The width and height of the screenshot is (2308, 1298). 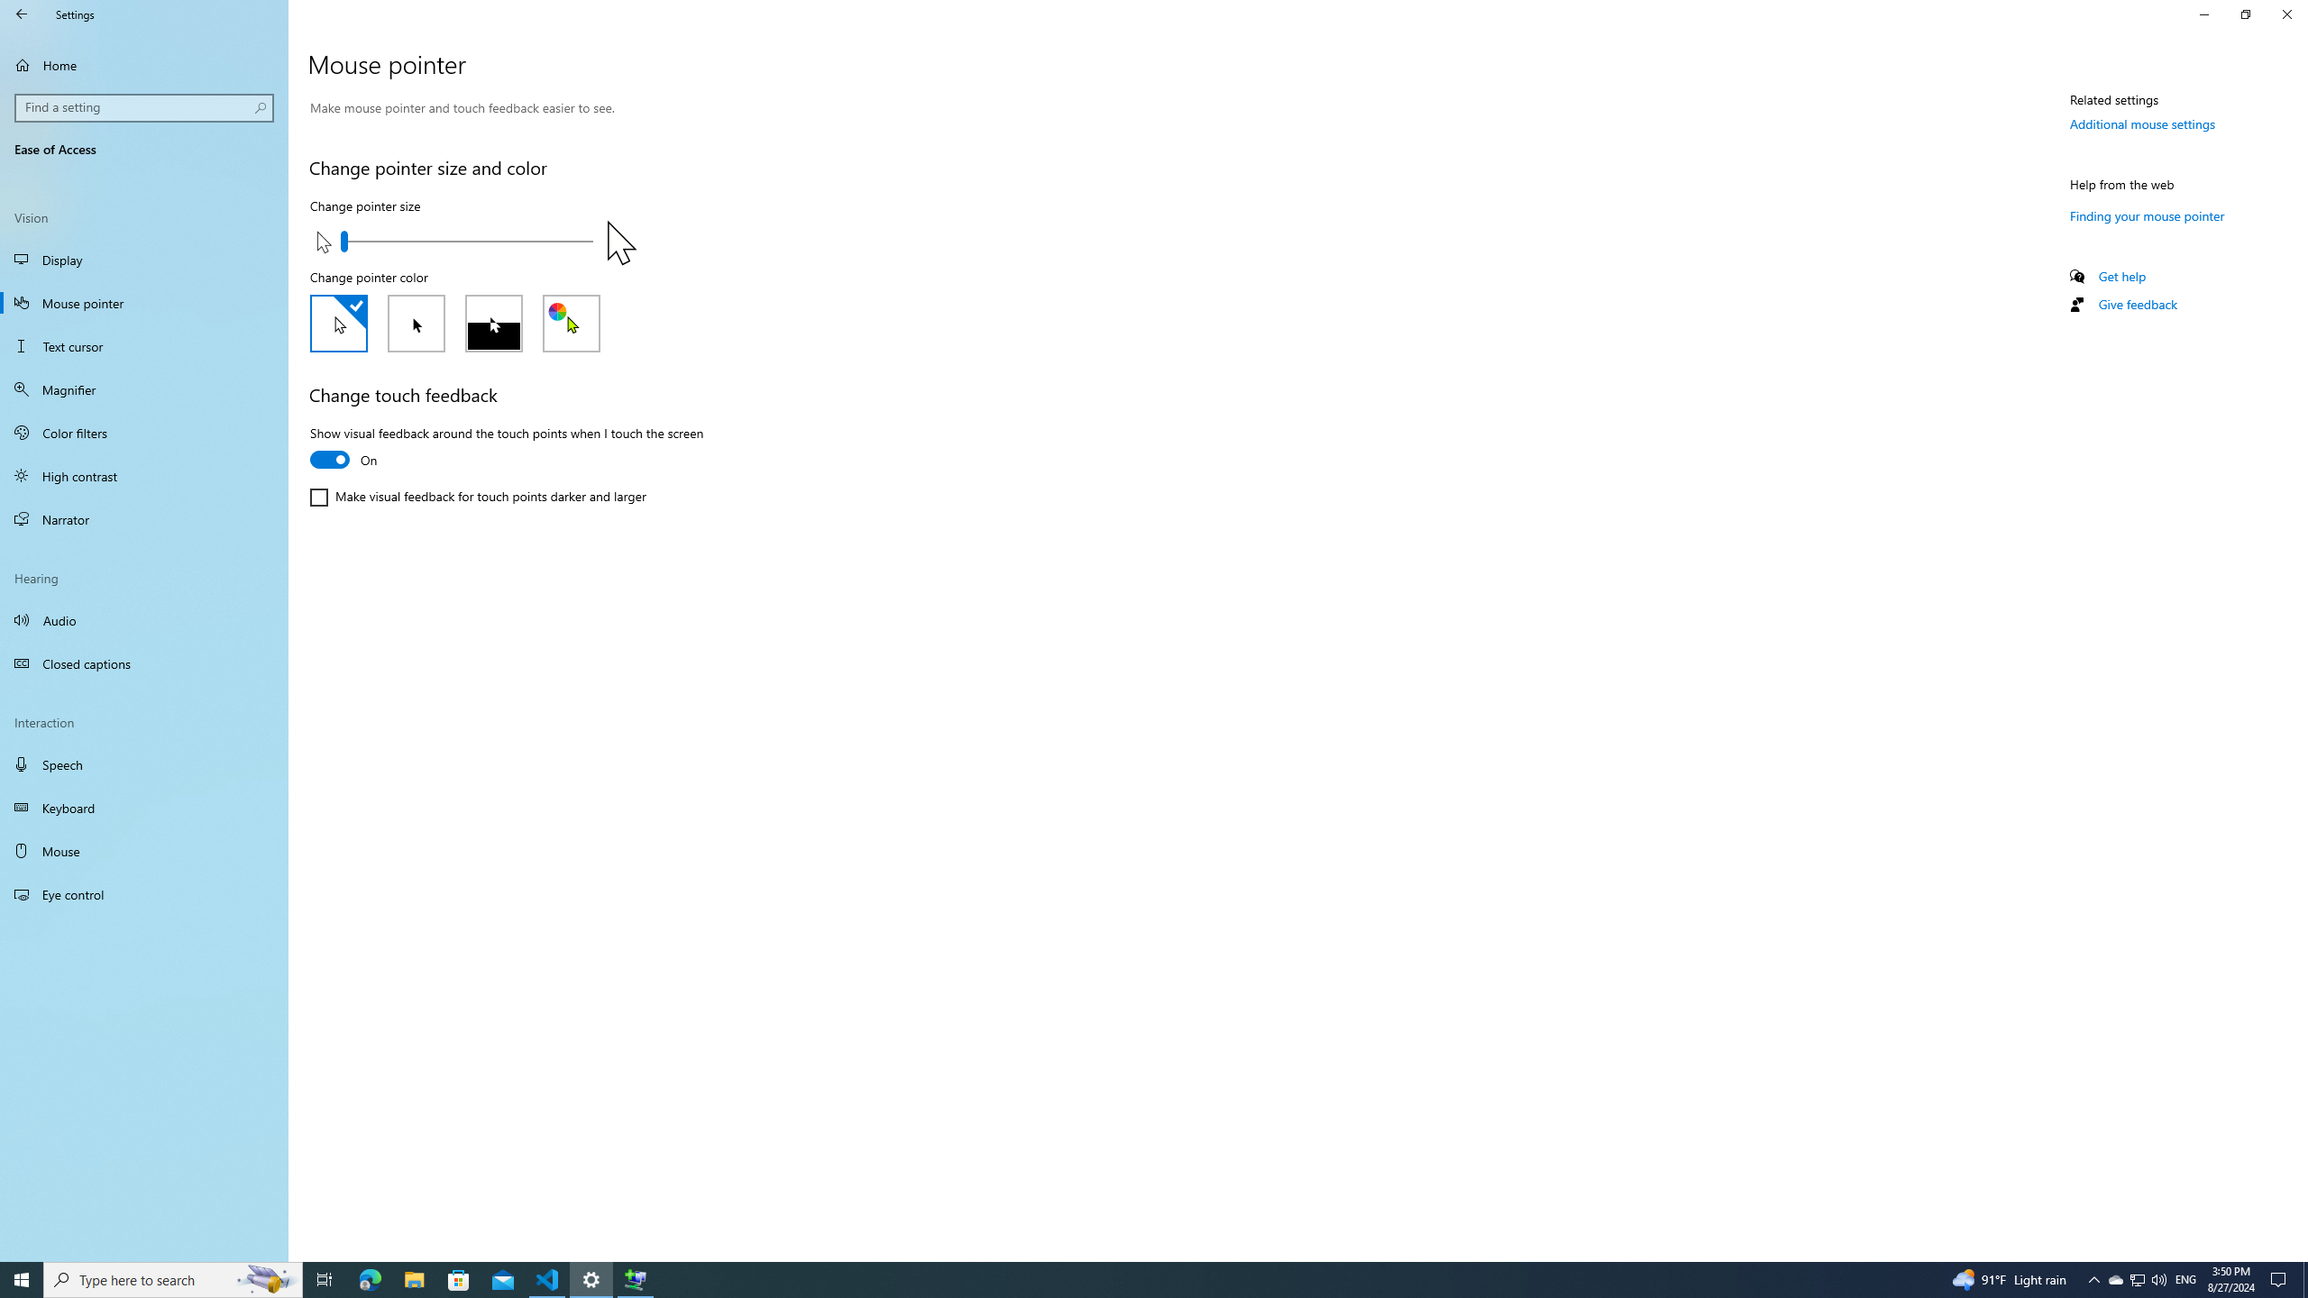 I want to click on 'Closed captions', so click(x=143, y=663).